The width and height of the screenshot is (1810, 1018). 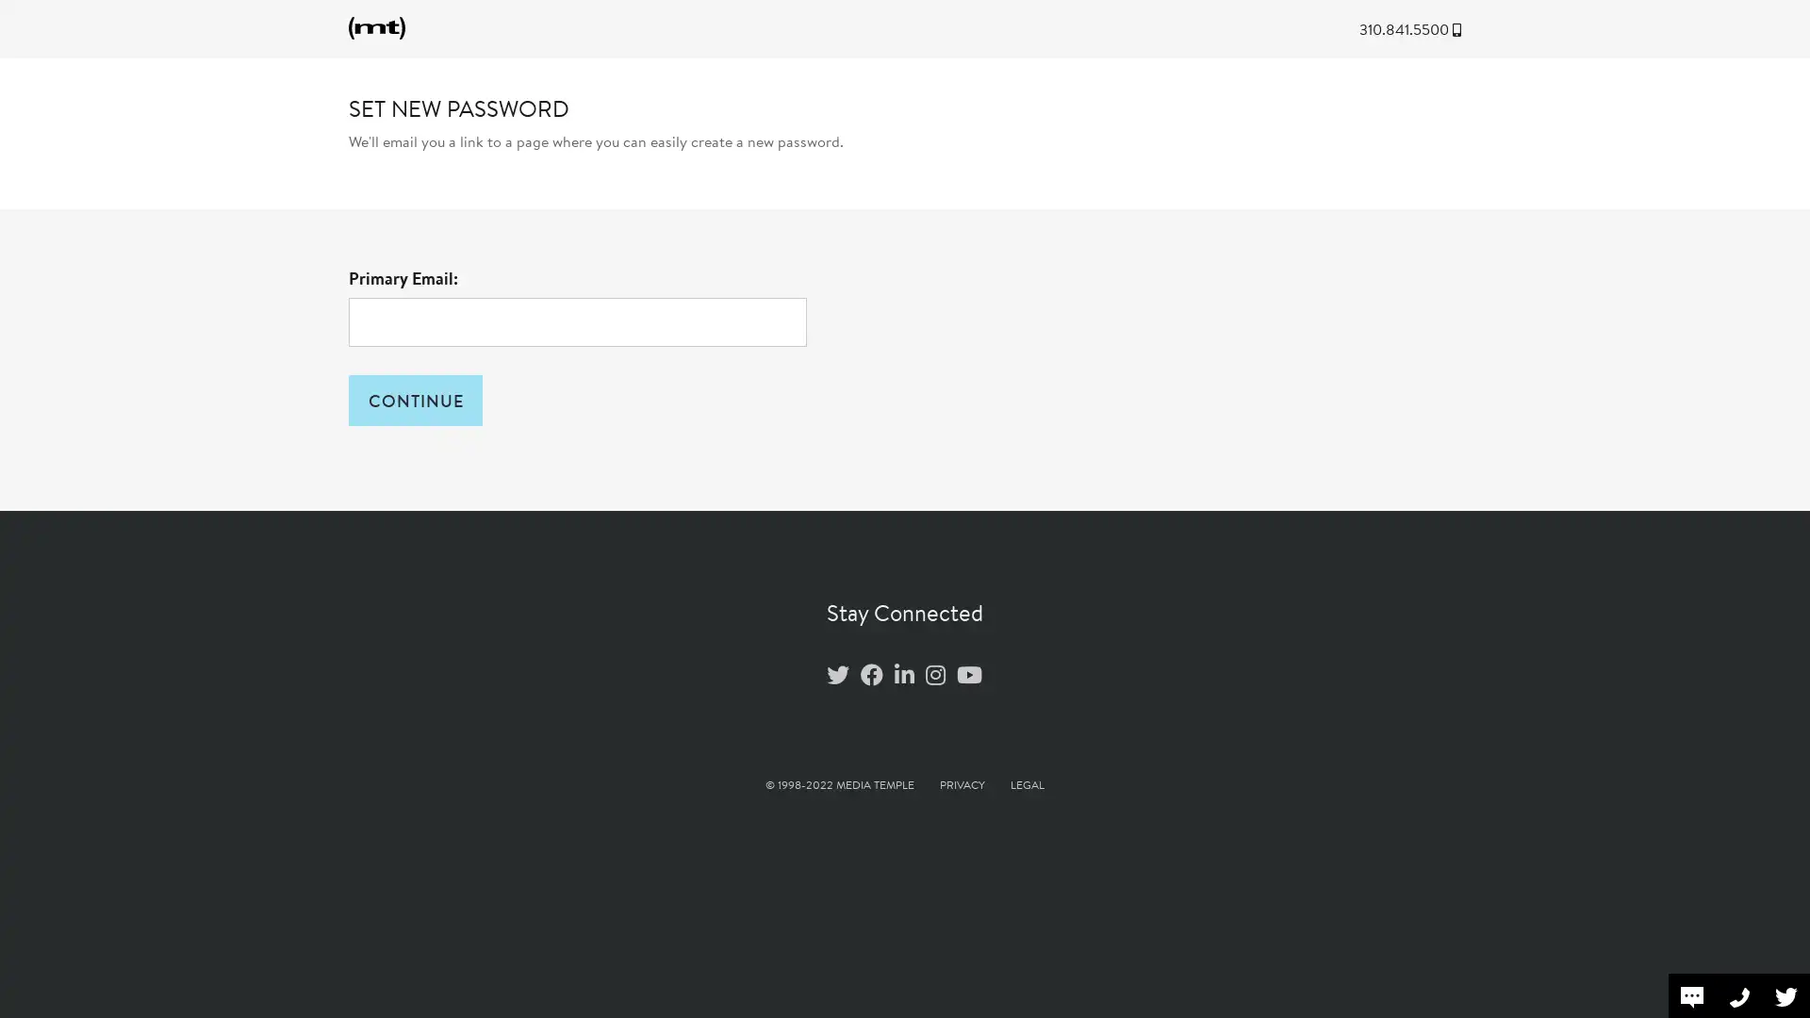 I want to click on CONTINUE, so click(x=415, y=402).